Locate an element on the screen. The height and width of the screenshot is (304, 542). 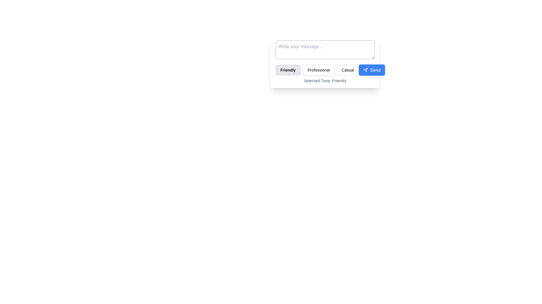
the 'Send' button that contains the paper airplane icon, which is positioned centrally within the blue button labeled 'Send' is located at coordinates (366, 70).